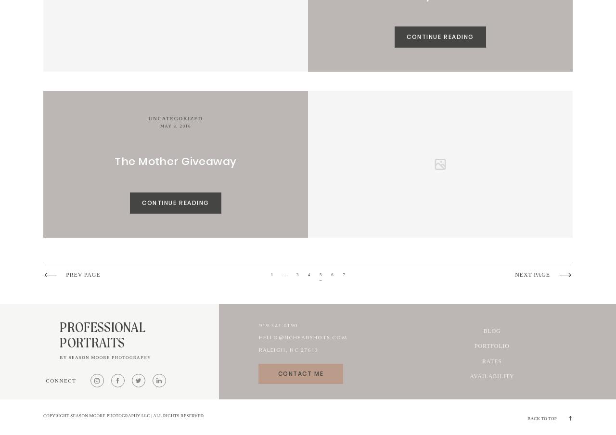 This screenshot has height=435, width=616. I want to click on 'Portfolio', so click(491, 345).